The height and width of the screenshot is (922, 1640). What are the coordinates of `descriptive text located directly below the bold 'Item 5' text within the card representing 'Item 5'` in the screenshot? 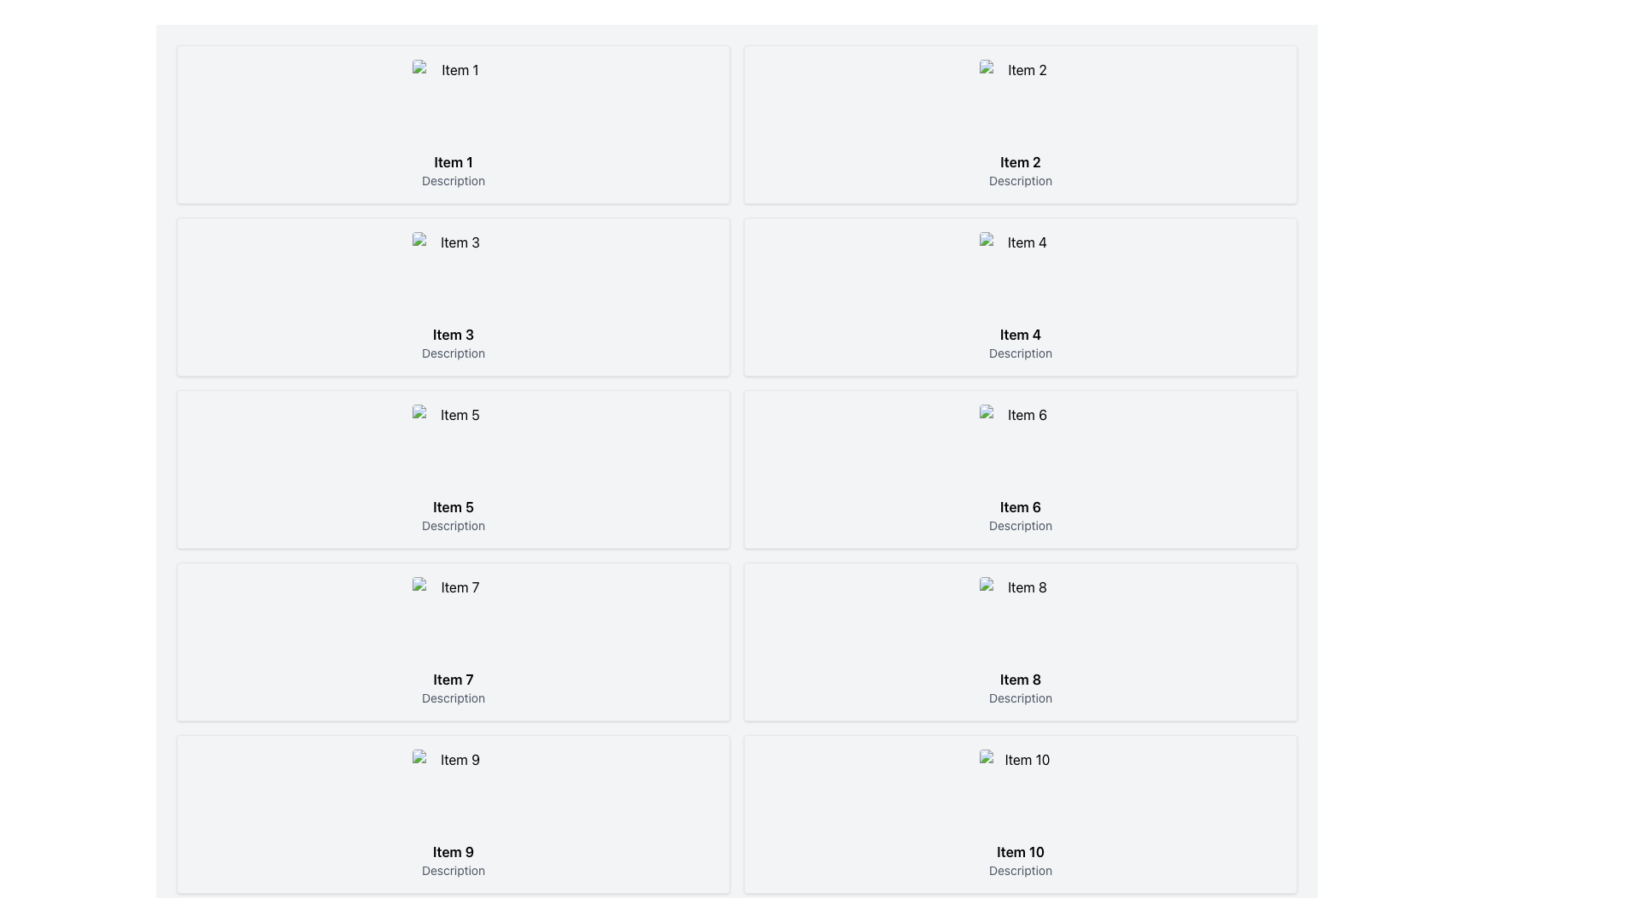 It's located at (454, 525).